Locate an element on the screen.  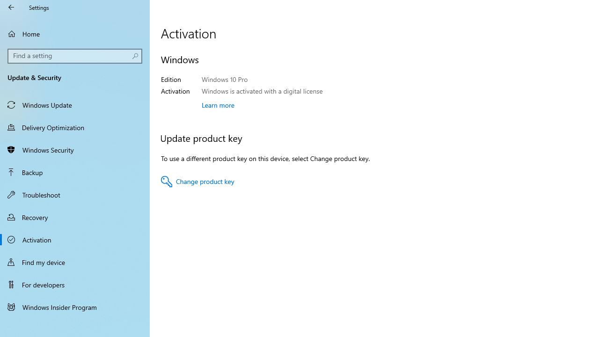
'Home' is located at coordinates (75, 33).